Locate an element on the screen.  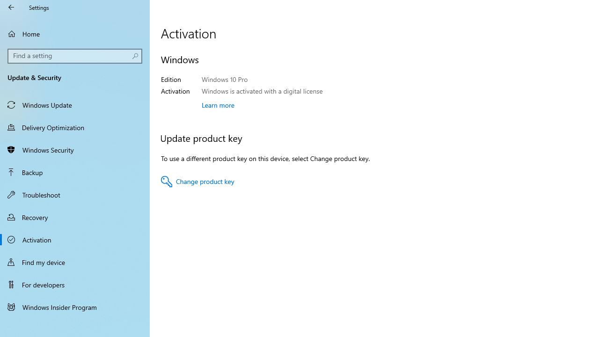
'Home' is located at coordinates (75, 33).